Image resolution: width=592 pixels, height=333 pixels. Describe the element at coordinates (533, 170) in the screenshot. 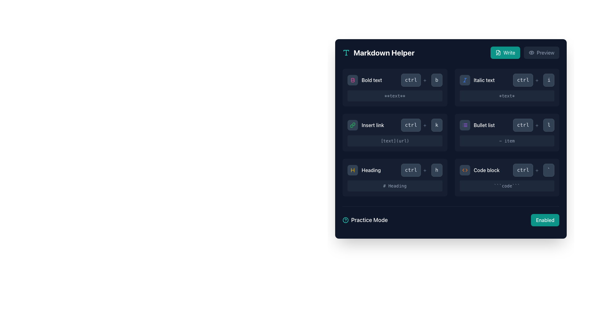

I see `the Shortcut hint display located in the lower-right corner of the interface, which includes the text 'ctrl', a '+' sign, and a '`' button, indicating the code block functionality` at that location.